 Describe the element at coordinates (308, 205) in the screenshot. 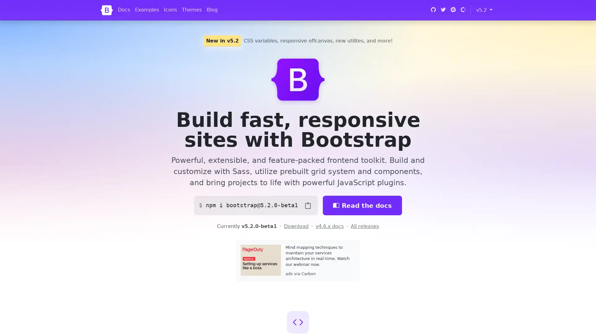

I see `Copy` at that location.